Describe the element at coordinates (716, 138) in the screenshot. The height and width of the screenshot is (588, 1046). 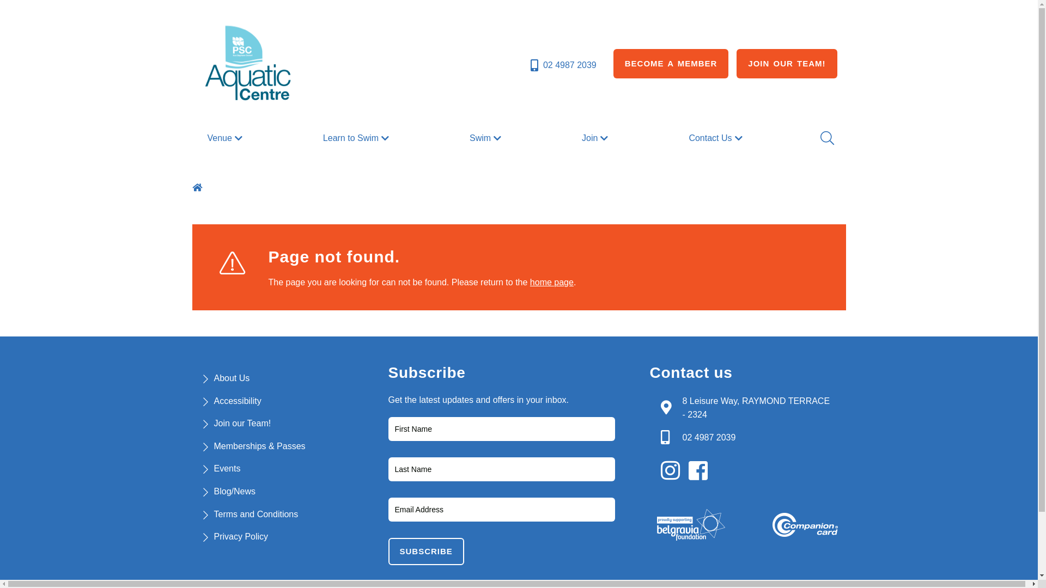
I see `'Contact Us'` at that location.